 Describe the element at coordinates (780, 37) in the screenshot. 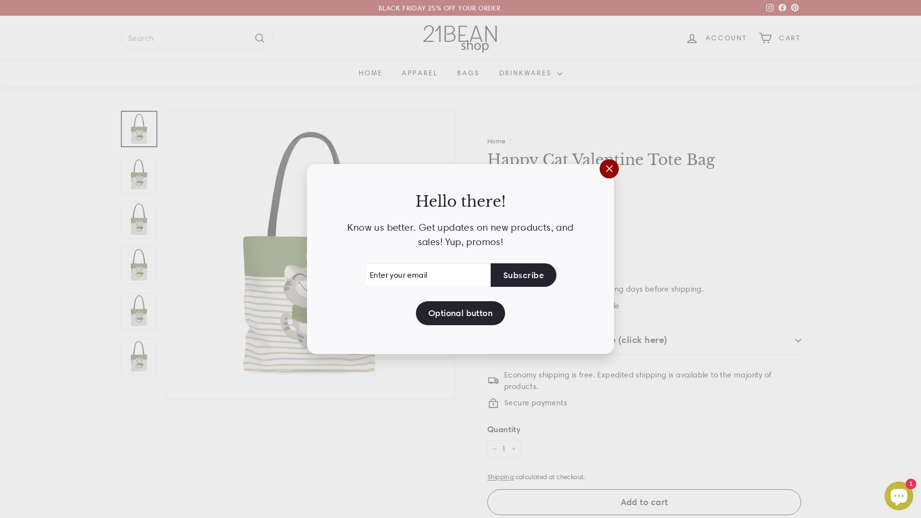

I see `'CART'` at that location.